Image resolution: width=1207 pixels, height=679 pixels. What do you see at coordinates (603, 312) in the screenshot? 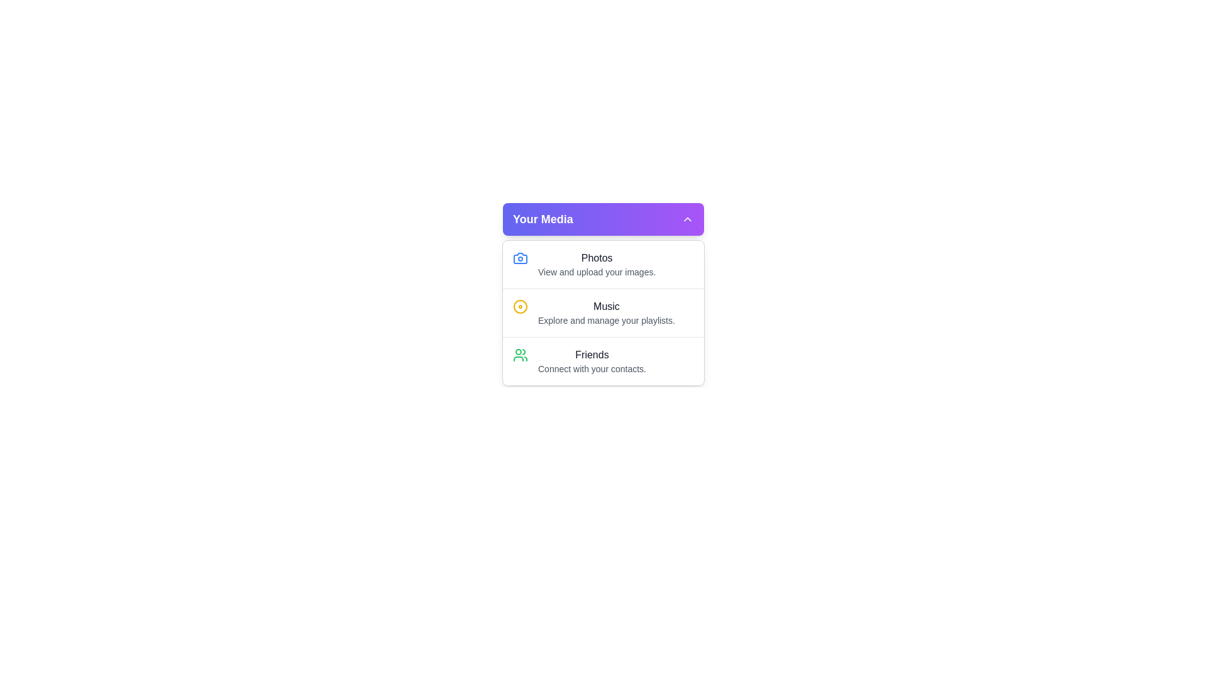
I see `the 'Music' menu item, which is a rectangular block with a bold title and a yellow circular icon` at bounding box center [603, 312].